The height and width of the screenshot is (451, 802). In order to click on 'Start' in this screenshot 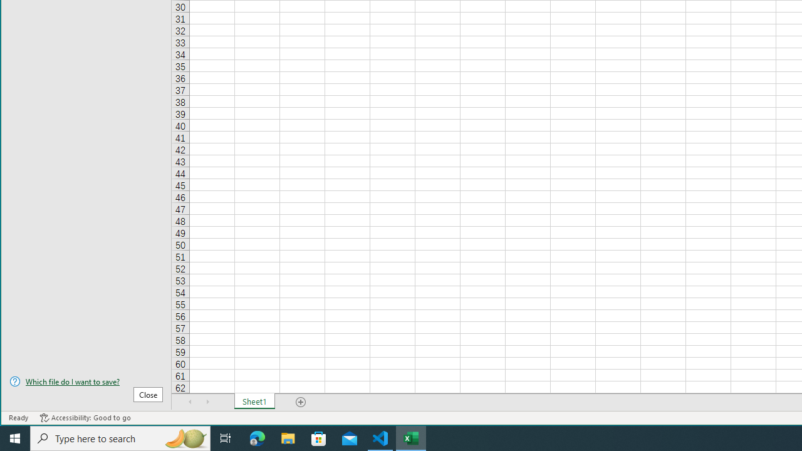, I will do `click(15, 437)`.